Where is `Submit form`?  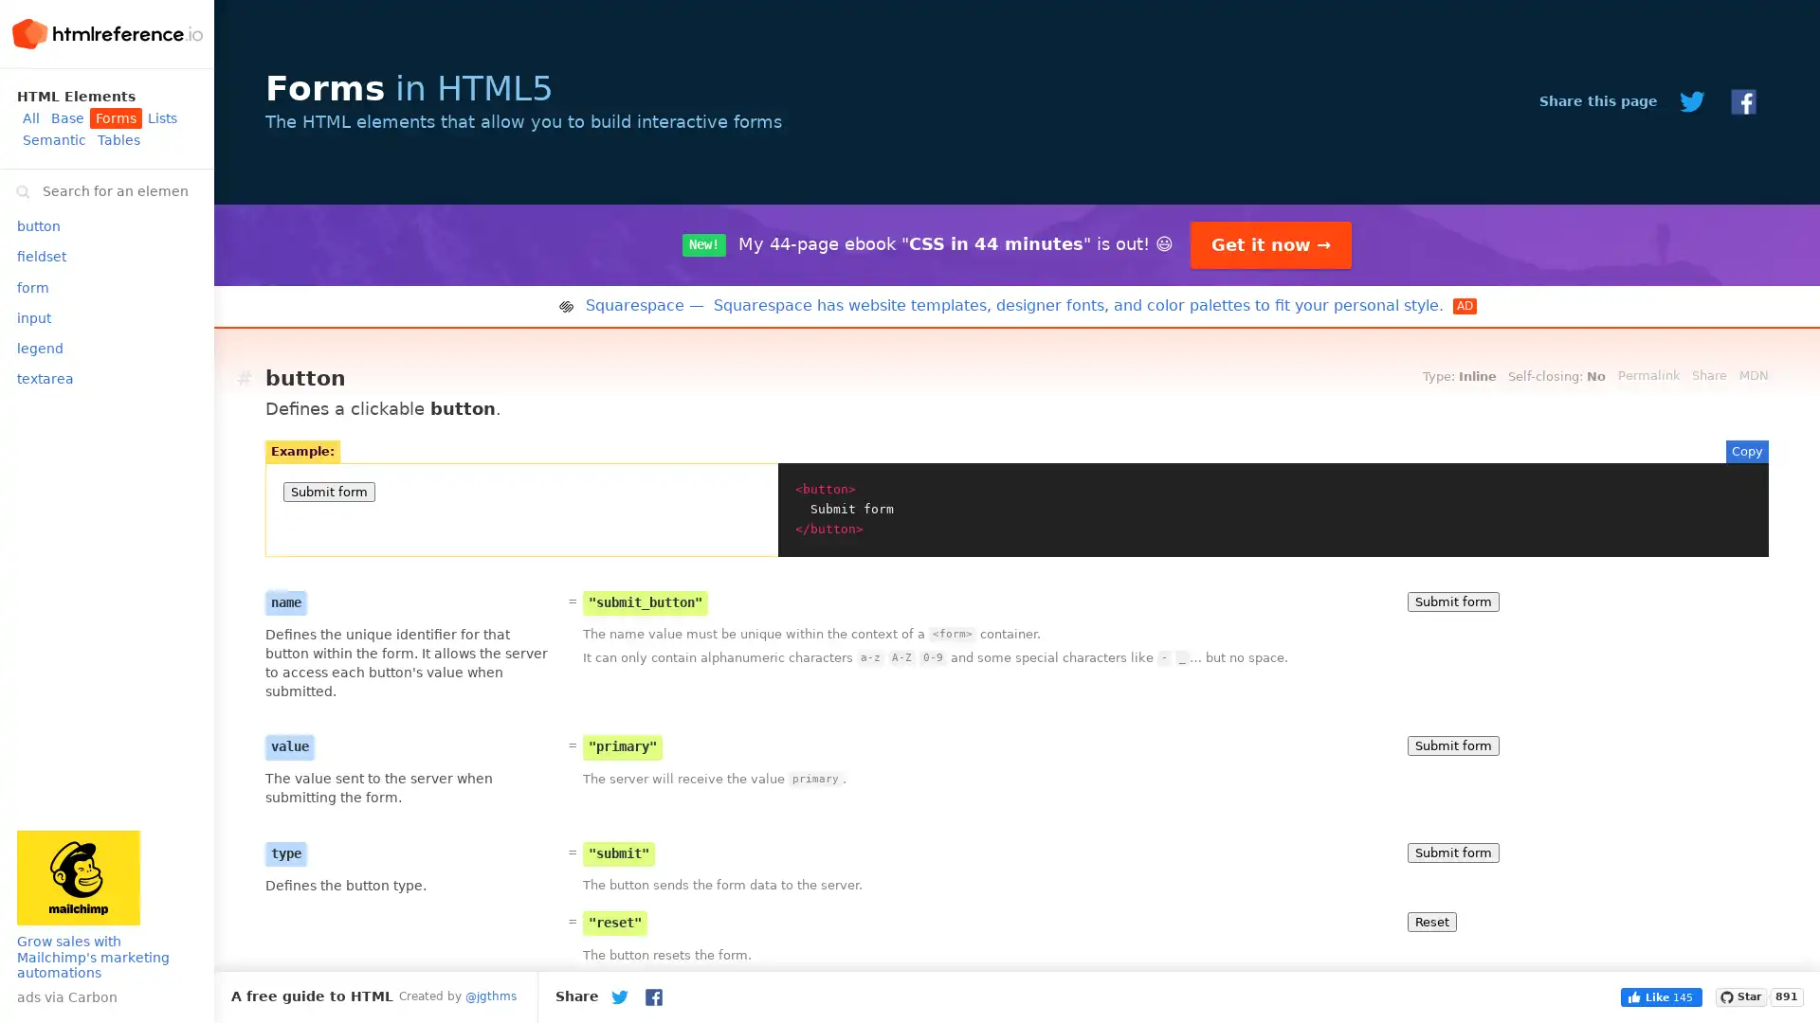 Submit form is located at coordinates (1452, 1007).